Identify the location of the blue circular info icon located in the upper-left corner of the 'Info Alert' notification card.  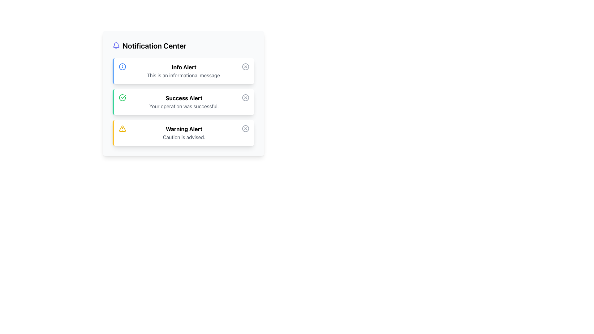
(122, 67).